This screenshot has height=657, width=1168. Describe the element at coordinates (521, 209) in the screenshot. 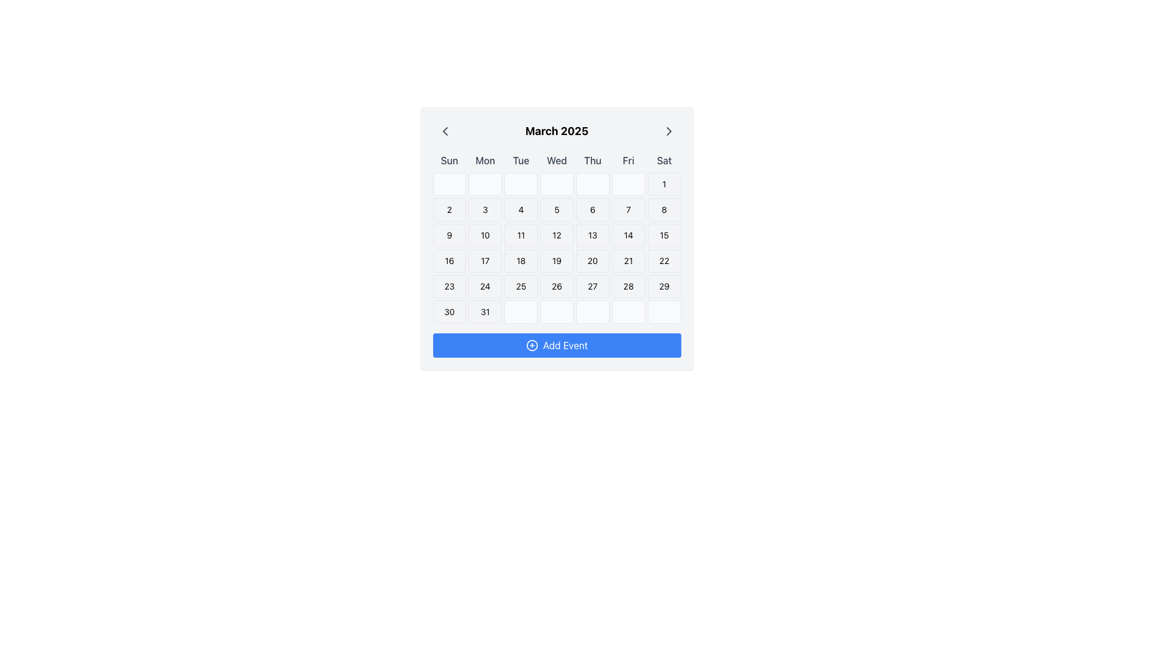

I see `the button representing the date '4' in the March 2025 calendar` at that location.